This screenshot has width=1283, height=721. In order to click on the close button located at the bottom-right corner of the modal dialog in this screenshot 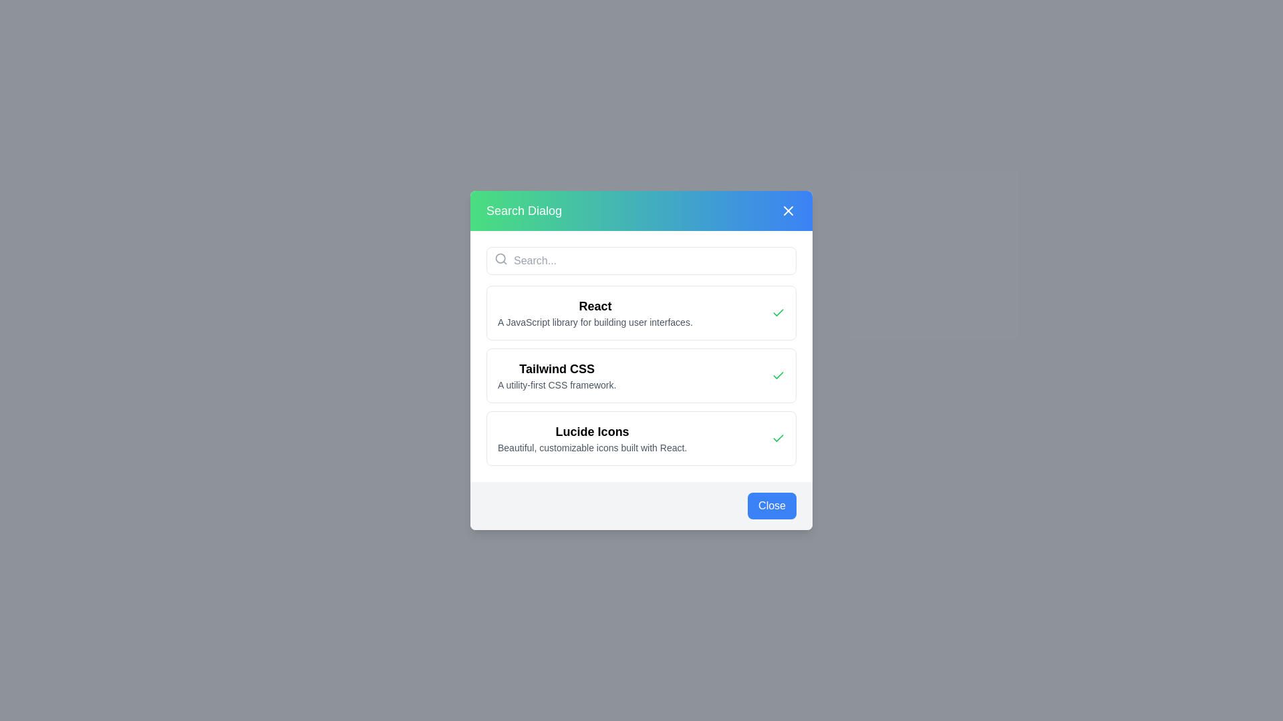, I will do `click(772, 506)`.